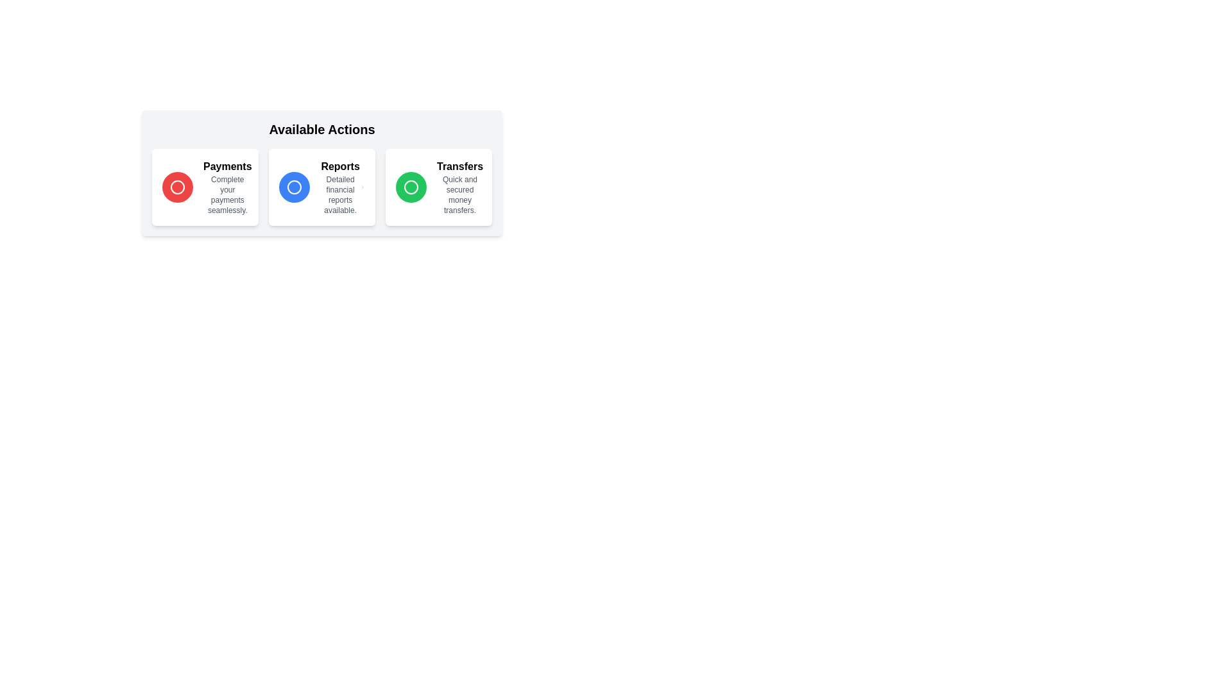 The height and width of the screenshot is (693, 1232). Describe the element at coordinates (411, 187) in the screenshot. I see `the center circle of the SVG Circle Graphics in the 'Transfers' section to visually distinguish it as part of the 'Transfers' action` at that location.